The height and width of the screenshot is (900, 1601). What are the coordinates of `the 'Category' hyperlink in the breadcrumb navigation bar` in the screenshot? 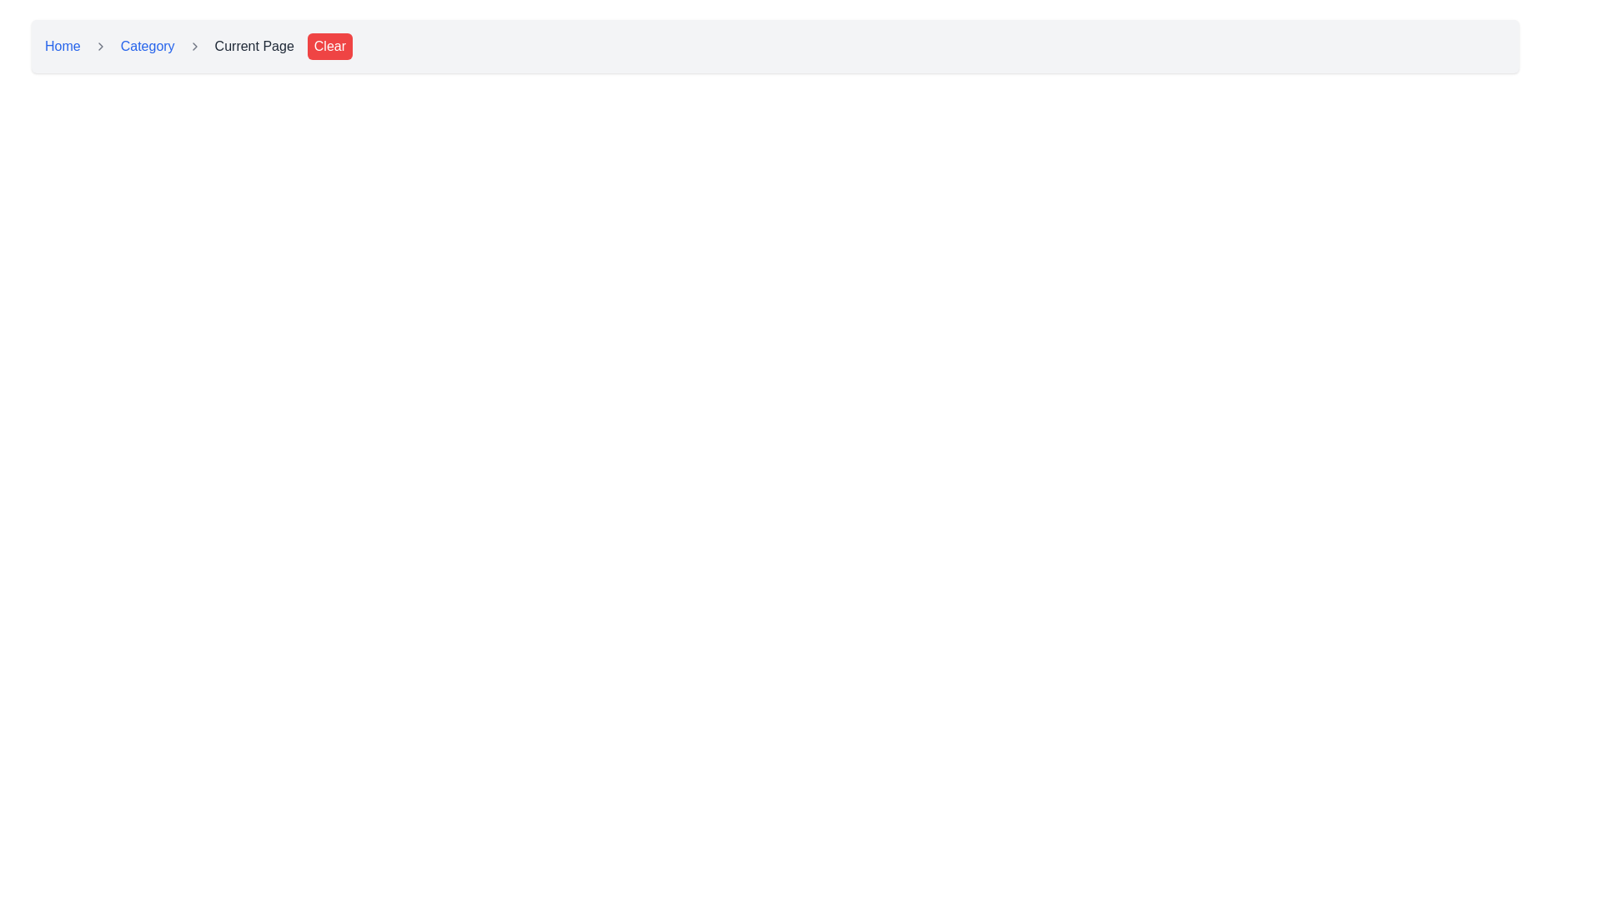 It's located at (148, 46).